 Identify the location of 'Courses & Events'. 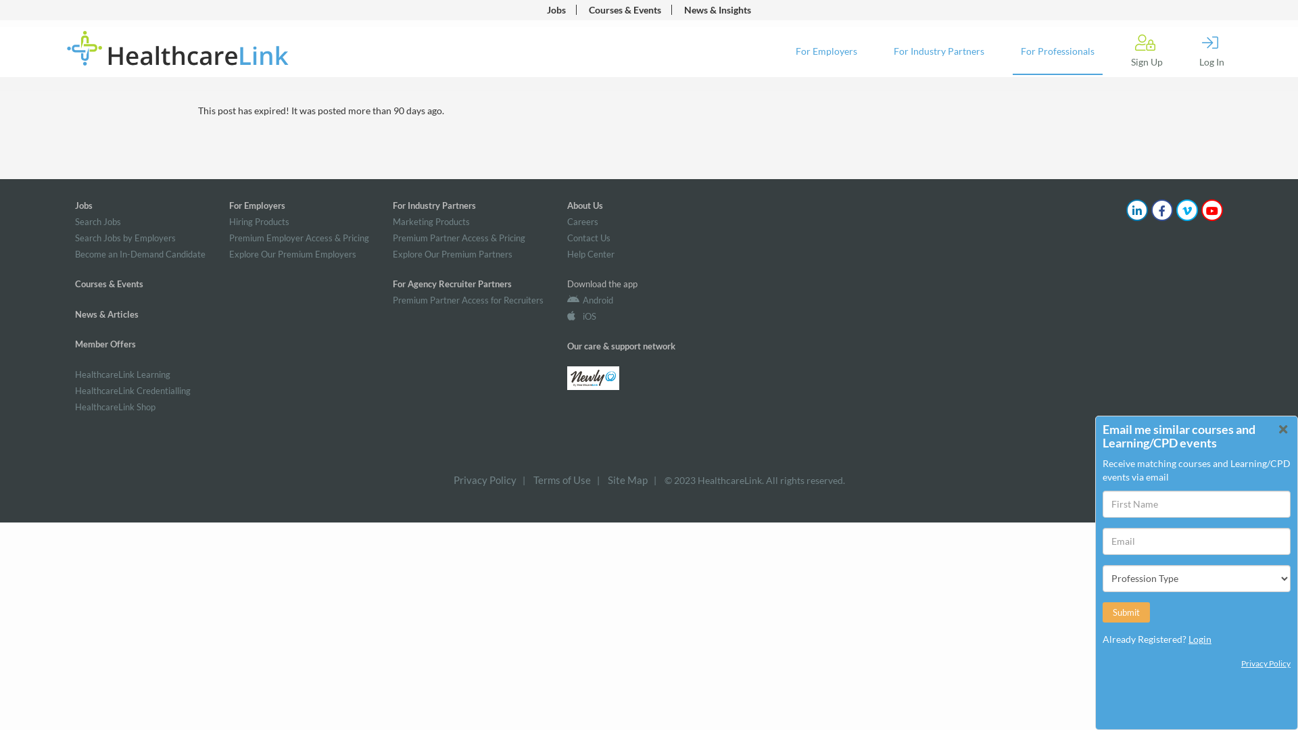
(624, 9).